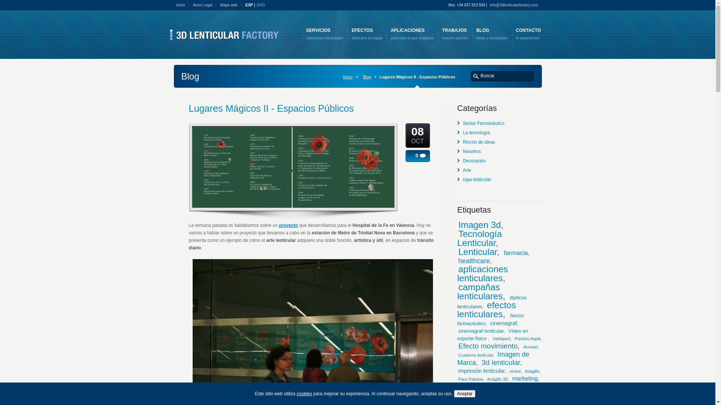  What do you see at coordinates (523, 347) in the screenshot?
I see `'Acoxxel'` at bounding box center [523, 347].